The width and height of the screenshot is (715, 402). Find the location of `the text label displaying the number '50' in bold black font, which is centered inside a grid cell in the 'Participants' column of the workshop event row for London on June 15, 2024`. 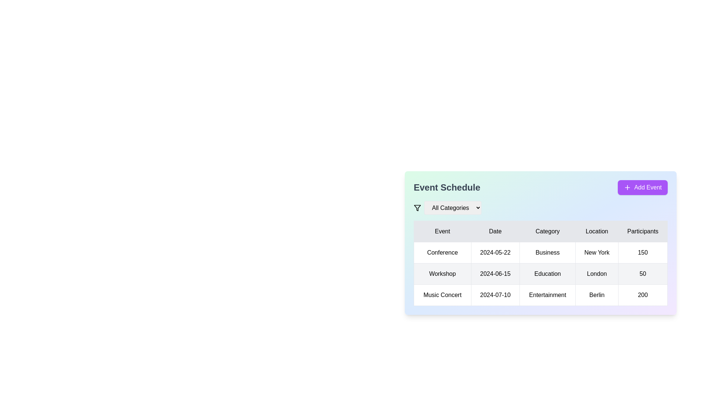

the text label displaying the number '50' in bold black font, which is centered inside a grid cell in the 'Participants' column of the workshop event row for London on June 15, 2024 is located at coordinates (642, 274).